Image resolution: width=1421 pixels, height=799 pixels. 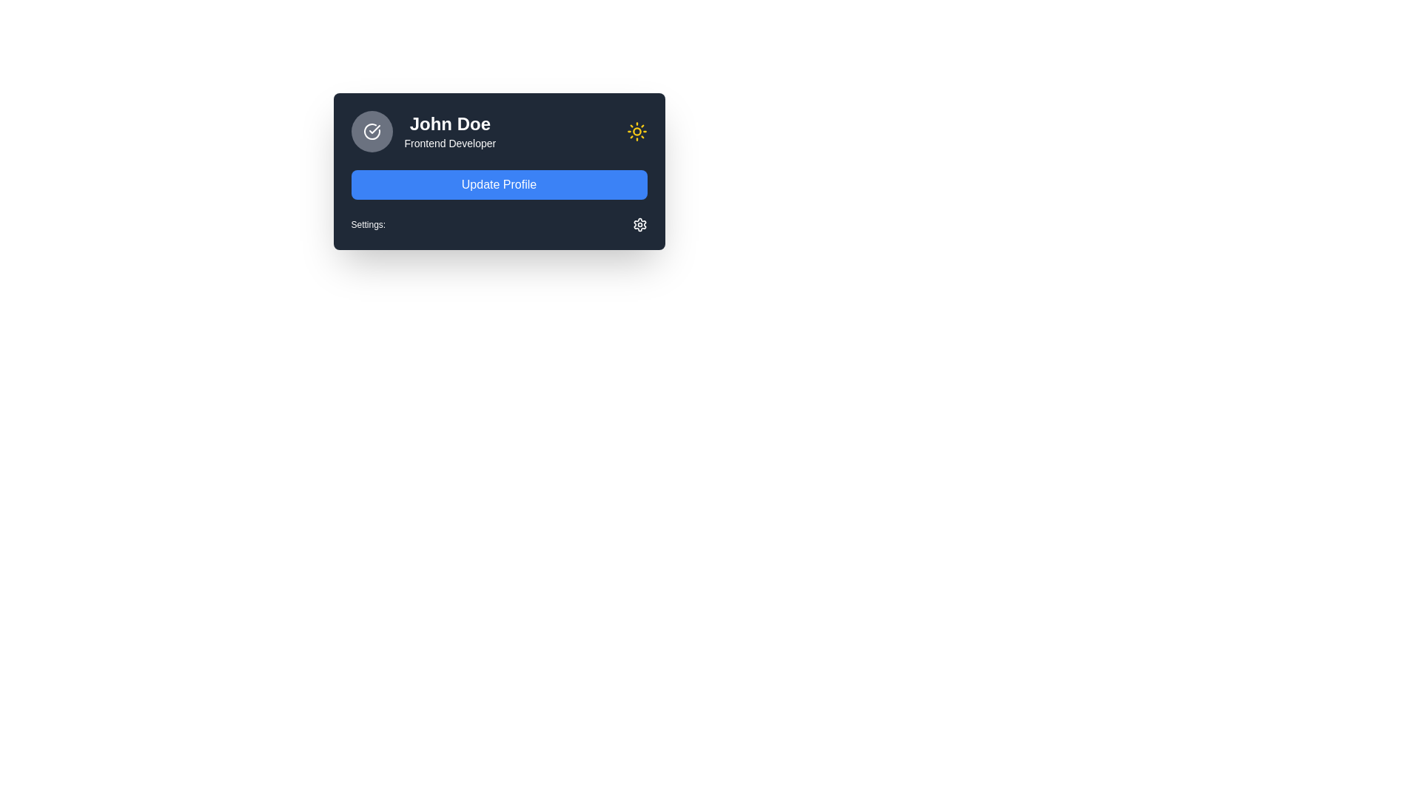 What do you see at coordinates (374, 128) in the screenshot?
I see `the checkmark icon within a circle, located at the top-right section of the card with a dark background` at bounding box center [374, 128].